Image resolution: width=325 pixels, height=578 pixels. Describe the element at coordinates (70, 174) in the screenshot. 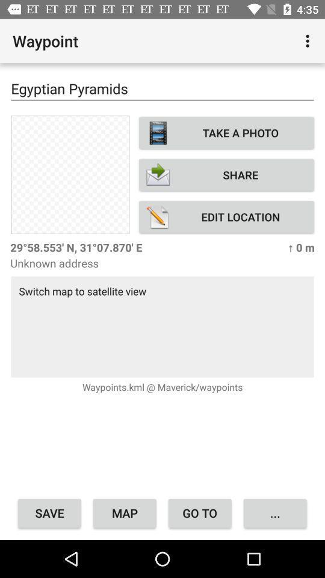

I see `the item below egyptian pyramids` at that location.